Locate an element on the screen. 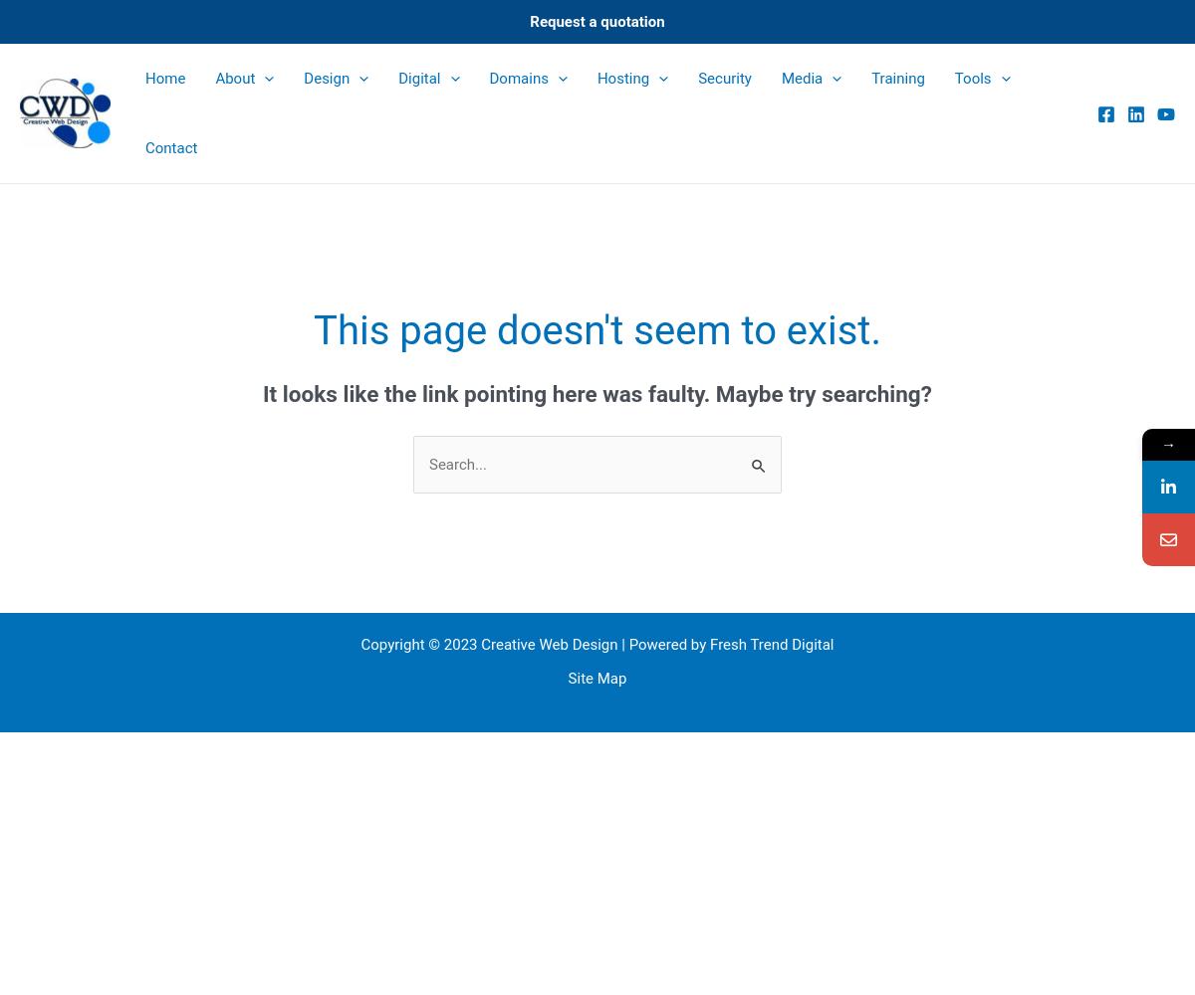  'About' is located at coordinates (234, 78).